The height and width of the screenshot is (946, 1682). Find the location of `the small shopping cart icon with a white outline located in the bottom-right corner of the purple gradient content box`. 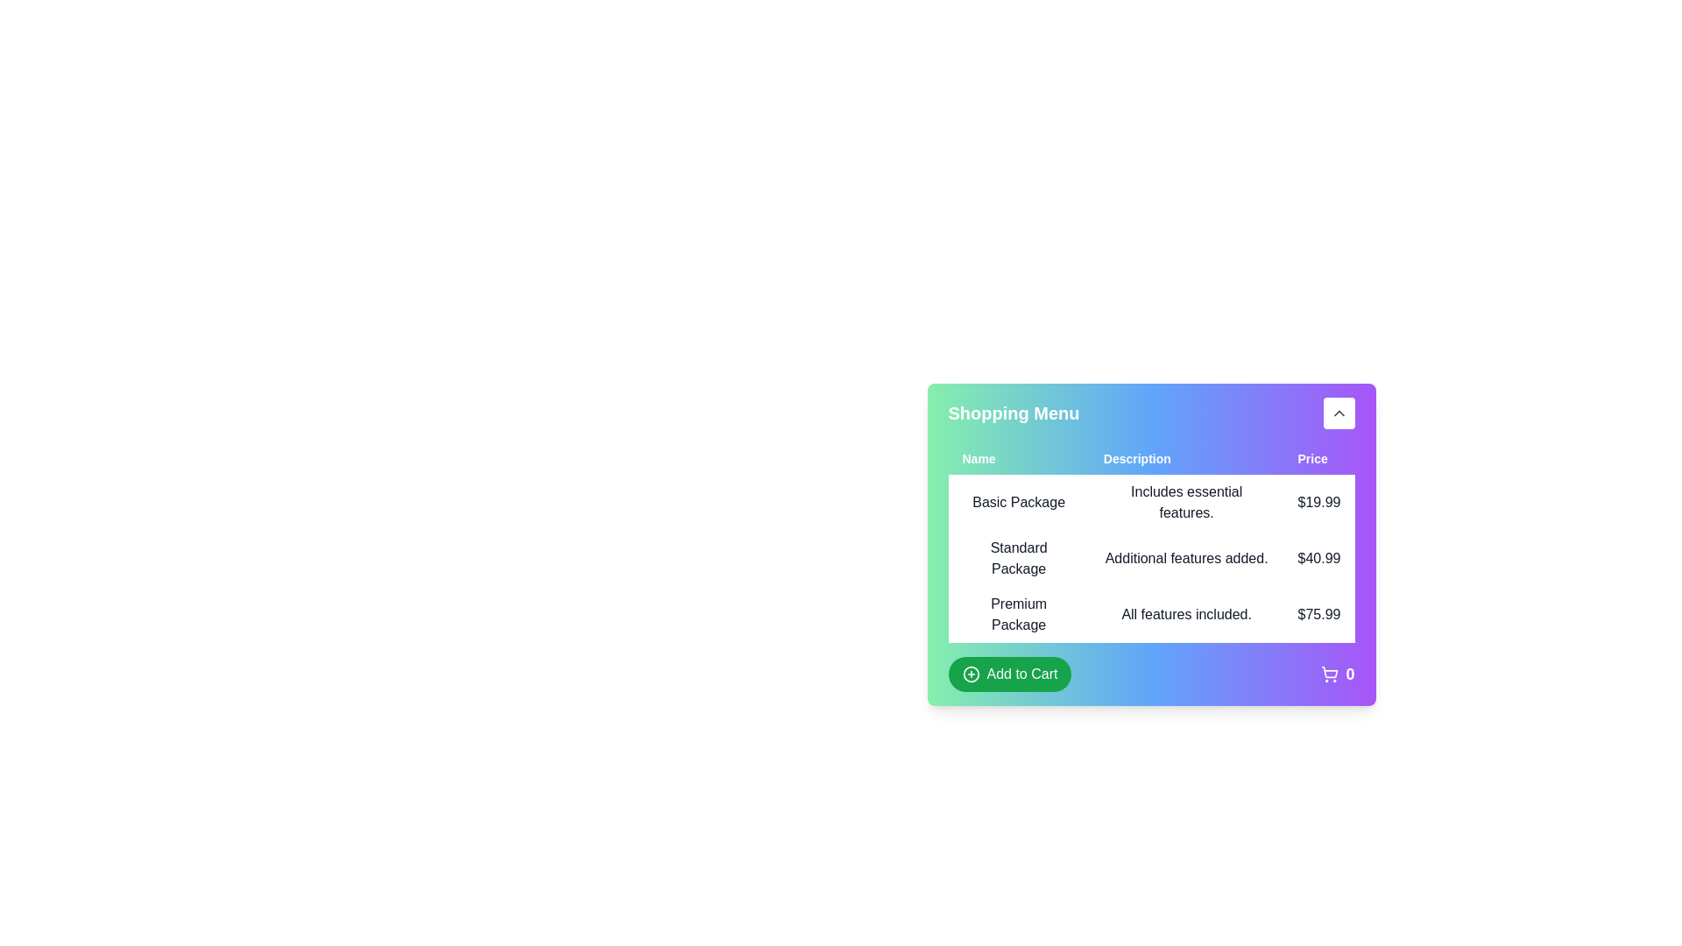

the small shopping cart icon with a white outline located in the bottom-right corner of the purple gradient content box is located at coordinates (1330, 674).